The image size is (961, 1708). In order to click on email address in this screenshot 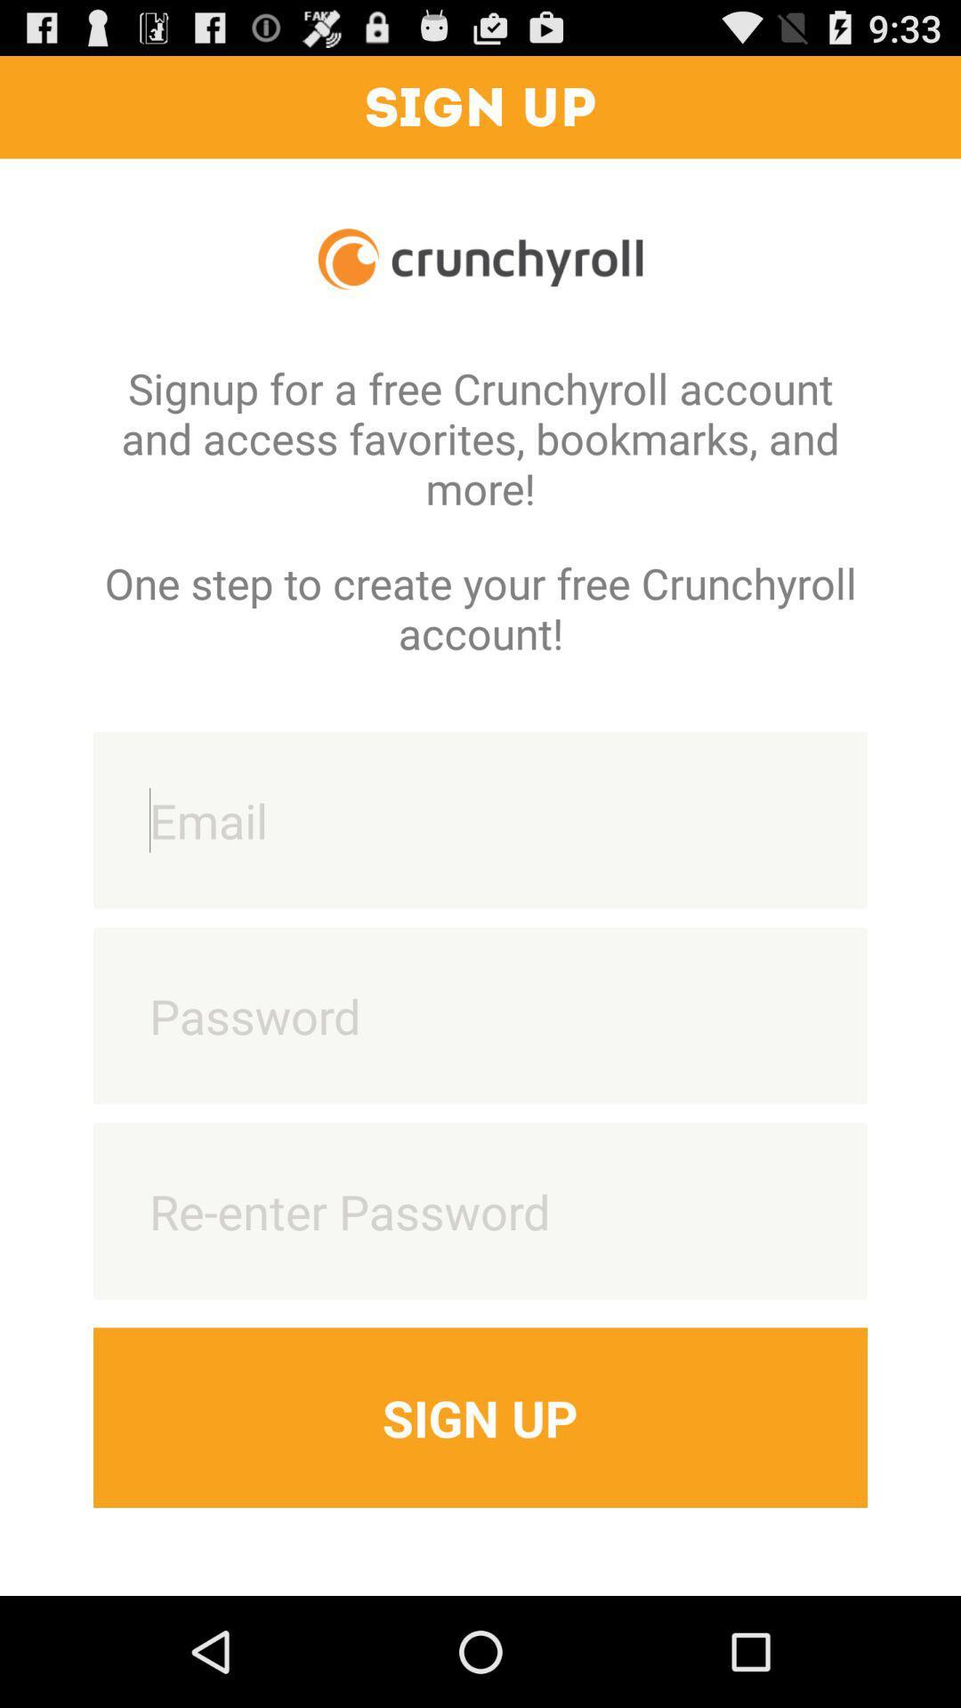, I will do `click(480, 819)`.